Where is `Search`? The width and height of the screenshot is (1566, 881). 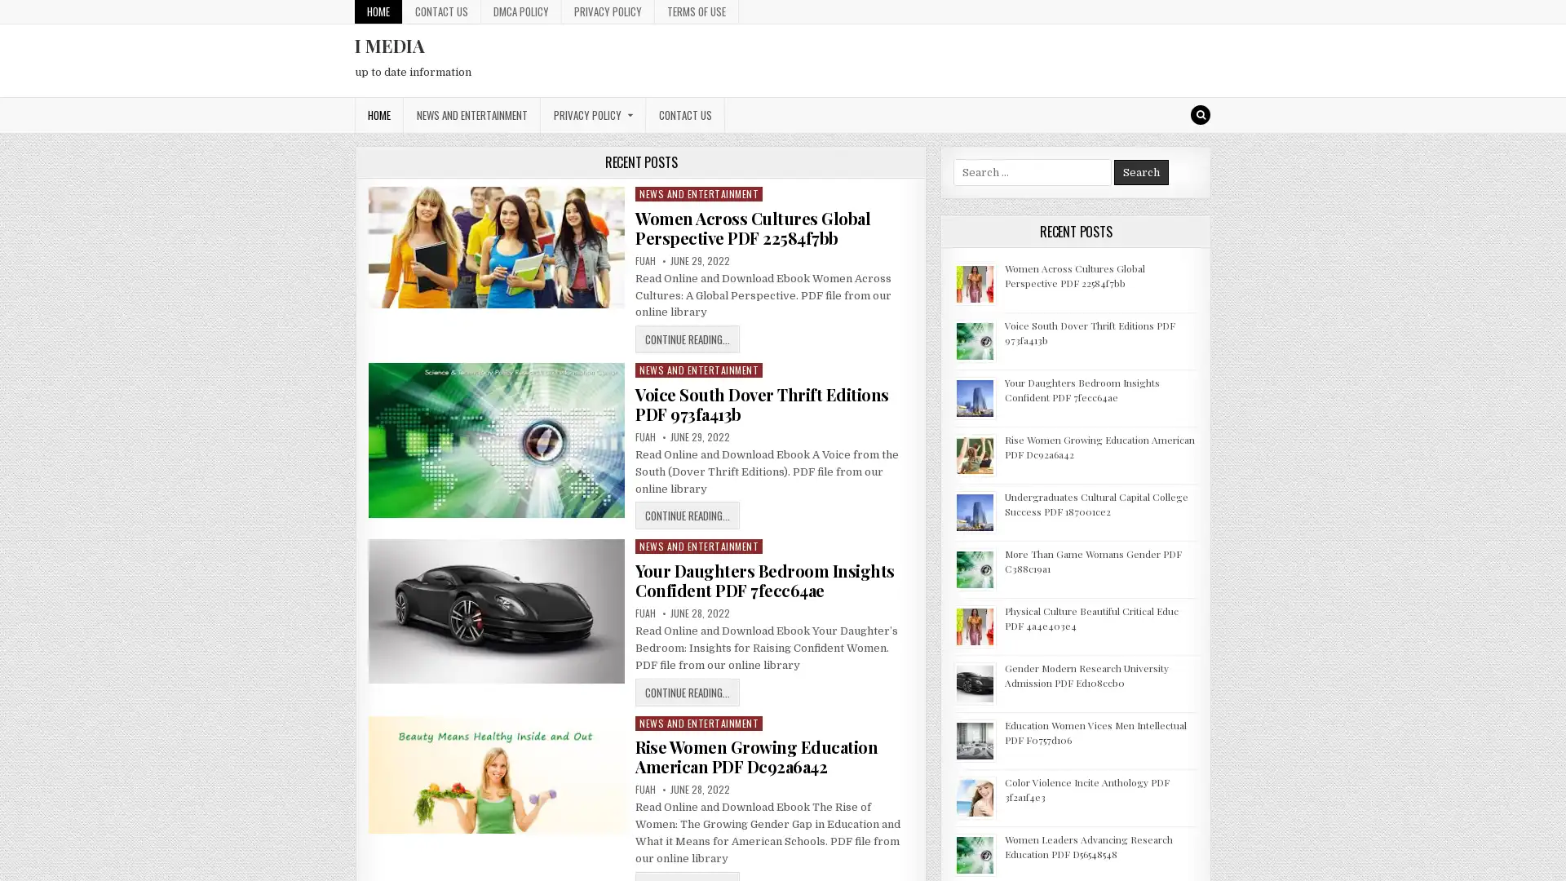
Search is located at coordinates (1140, 172).